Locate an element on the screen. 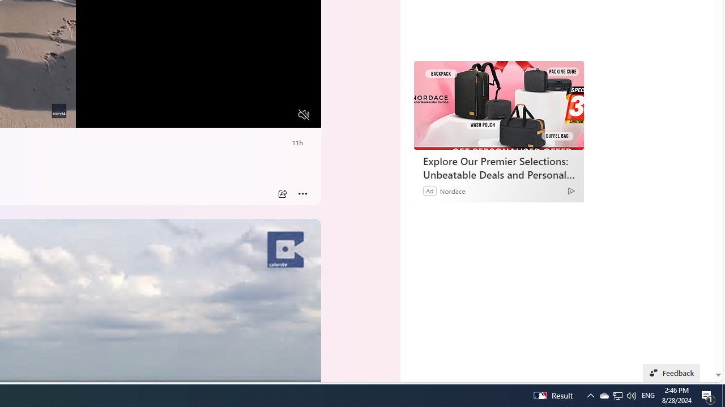 The width and height of the screenshot is (725, 407). 'Share' is located at coordinates (282, 193).